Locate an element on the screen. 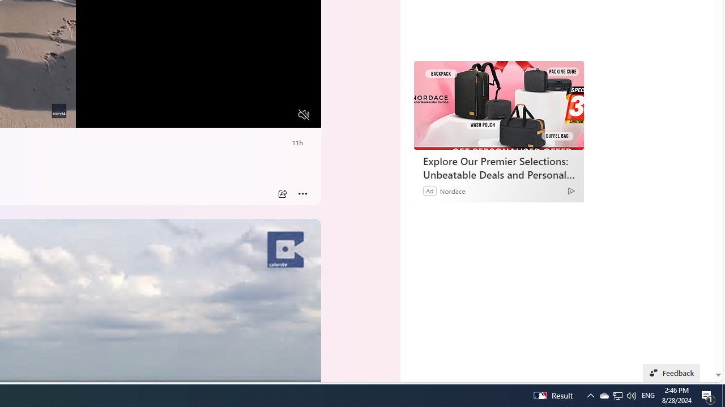 The width and height of the screenshot is (725, 407). 'Share' is located at coordinates (282, 193).